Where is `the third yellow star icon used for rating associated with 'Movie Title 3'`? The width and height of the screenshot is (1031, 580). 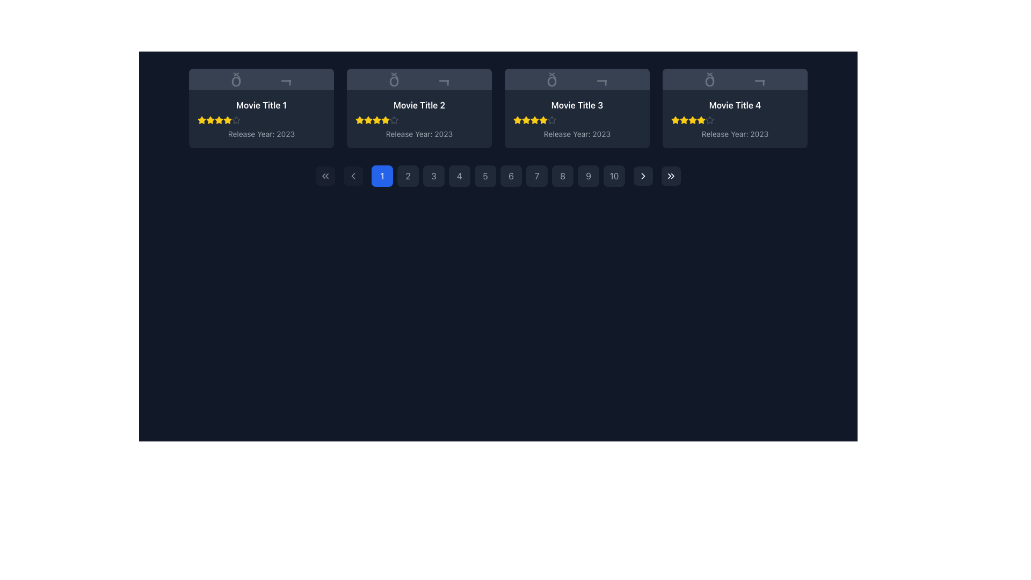 the third yellow star icon used for rating associated with 'Movie Title 3' is located at coordinates (526, 120).